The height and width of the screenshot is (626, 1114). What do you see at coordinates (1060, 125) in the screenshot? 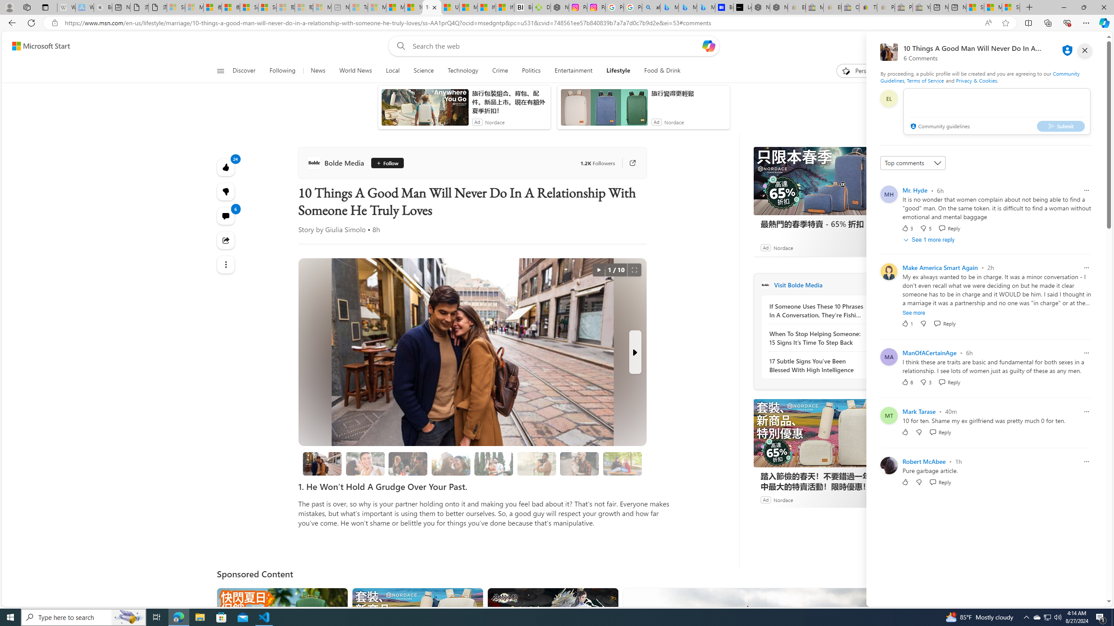
I see `'Submit'` at bounding box center [1060, 125].